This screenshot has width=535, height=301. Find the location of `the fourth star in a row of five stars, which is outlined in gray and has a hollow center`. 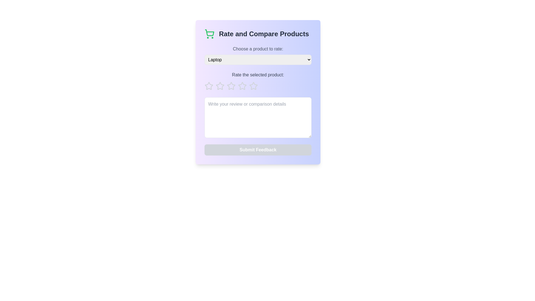

the fourth star in a row of five stars, which is outlined in gray and has a hollow center is located at coordinates (242, 86).